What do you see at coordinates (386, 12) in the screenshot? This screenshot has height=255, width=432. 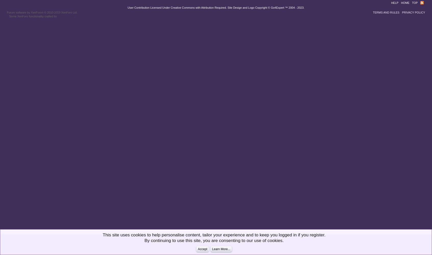 I see `'Terms and Rules'` at bounding box center [386, 12].